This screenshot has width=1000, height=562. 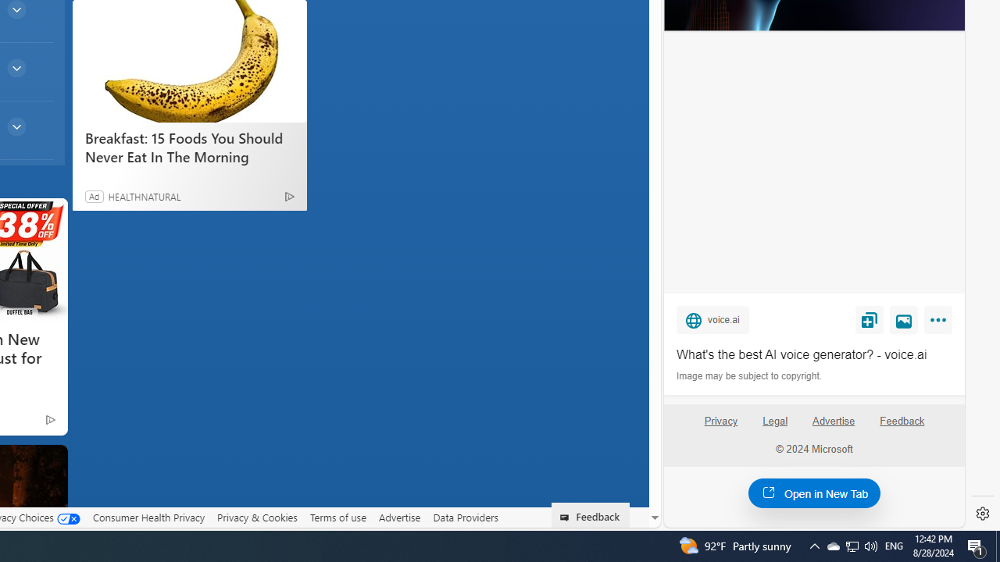 I want to click on 'Privacy', so click(x=720, y=427).